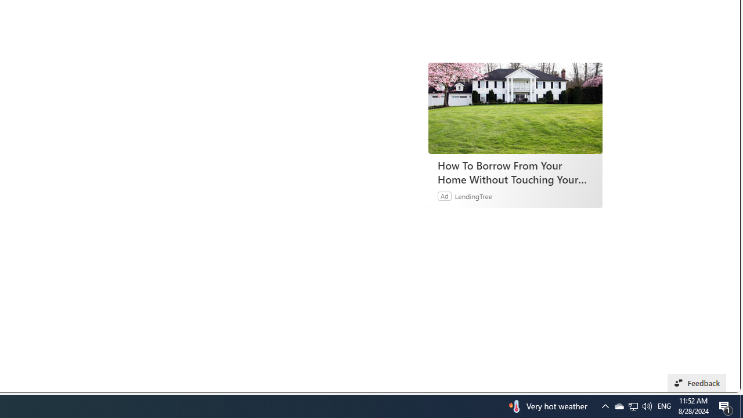  Describe the element at coordinates (515, 108) in the screenshot. I see `'How To Borrow From Your Home Without Touching Your Mortgage'` at that location.